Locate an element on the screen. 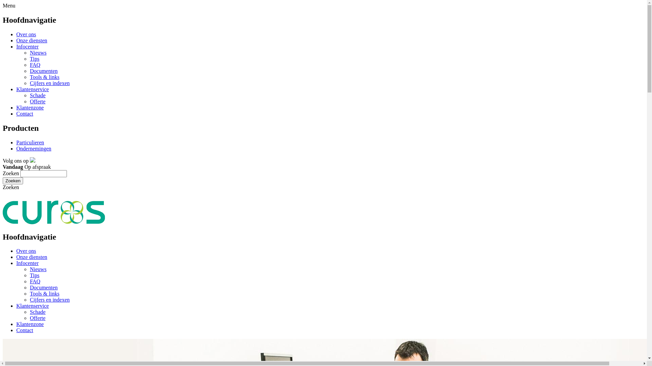 Image resolution: width=652 pixels, height=366 pixels. 'Cijfers en indexen' is located at coordinates (49, 83).